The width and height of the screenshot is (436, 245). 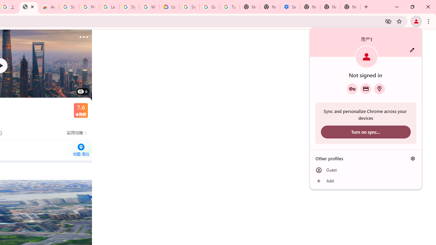 I want to click on 'Google Password Manager', so click(x=352, y=88).